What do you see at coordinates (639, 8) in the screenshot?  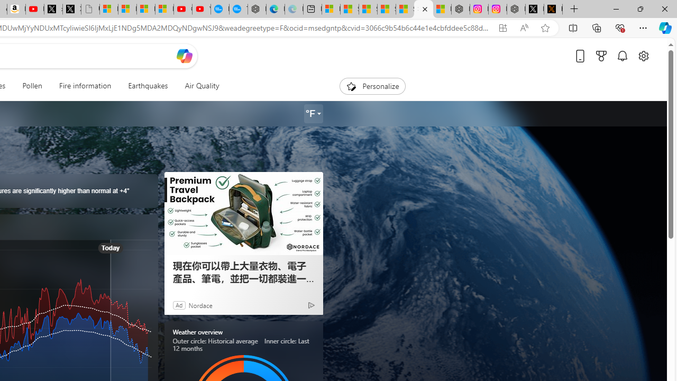 I see `'Restore'` at bounding box center [639, 8].